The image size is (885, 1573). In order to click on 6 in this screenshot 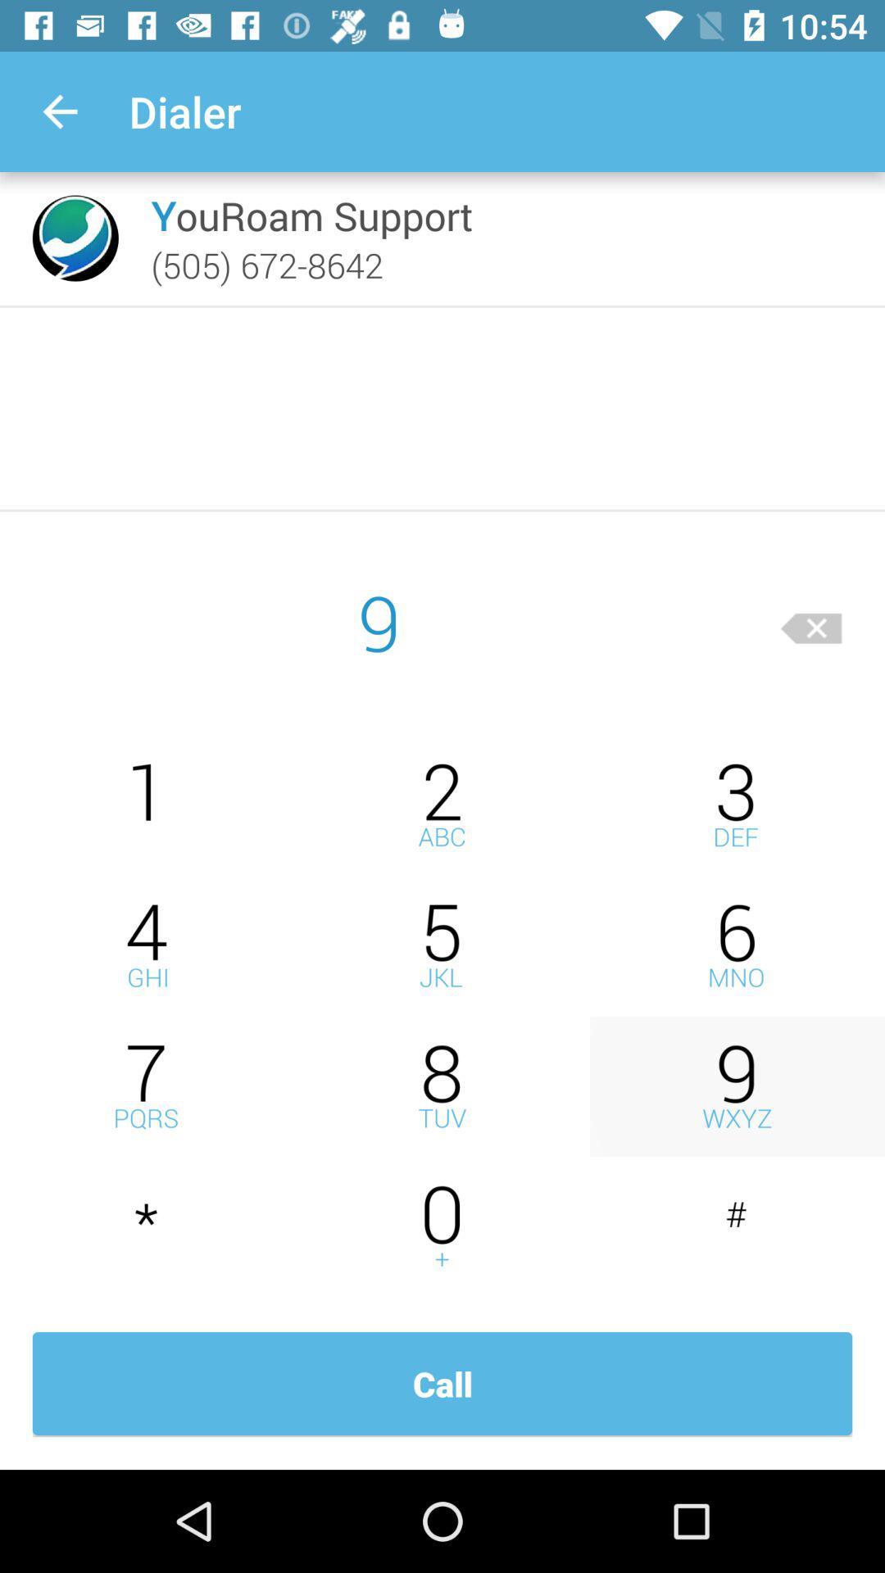, I will do `click(736, 945)`.